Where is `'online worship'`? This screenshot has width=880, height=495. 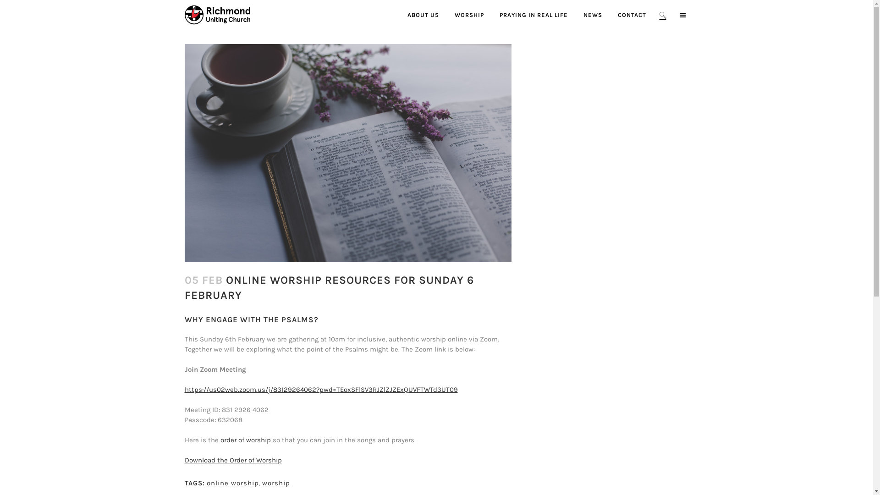 'online worship' is located at coordinates (206, 482).